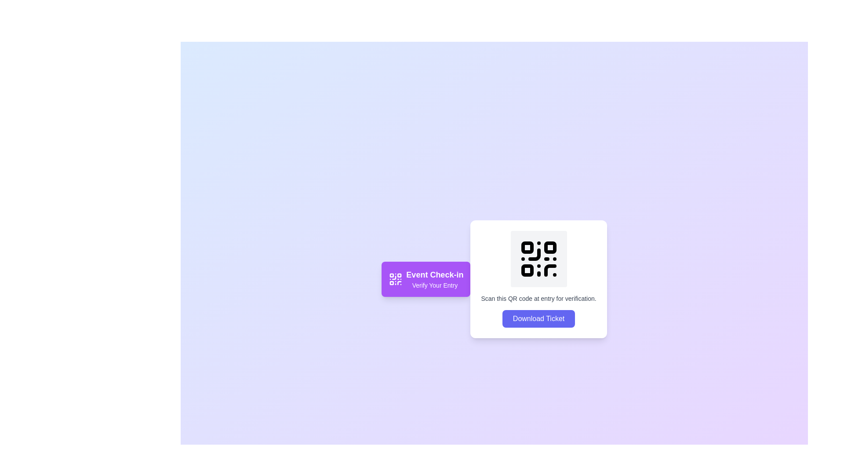 The height and width of the screenshot is (475, 844). I want to click on attention on the Decorative/Symbolic Component located at the lower-left corner of the central QR code module, so click(527, 270).